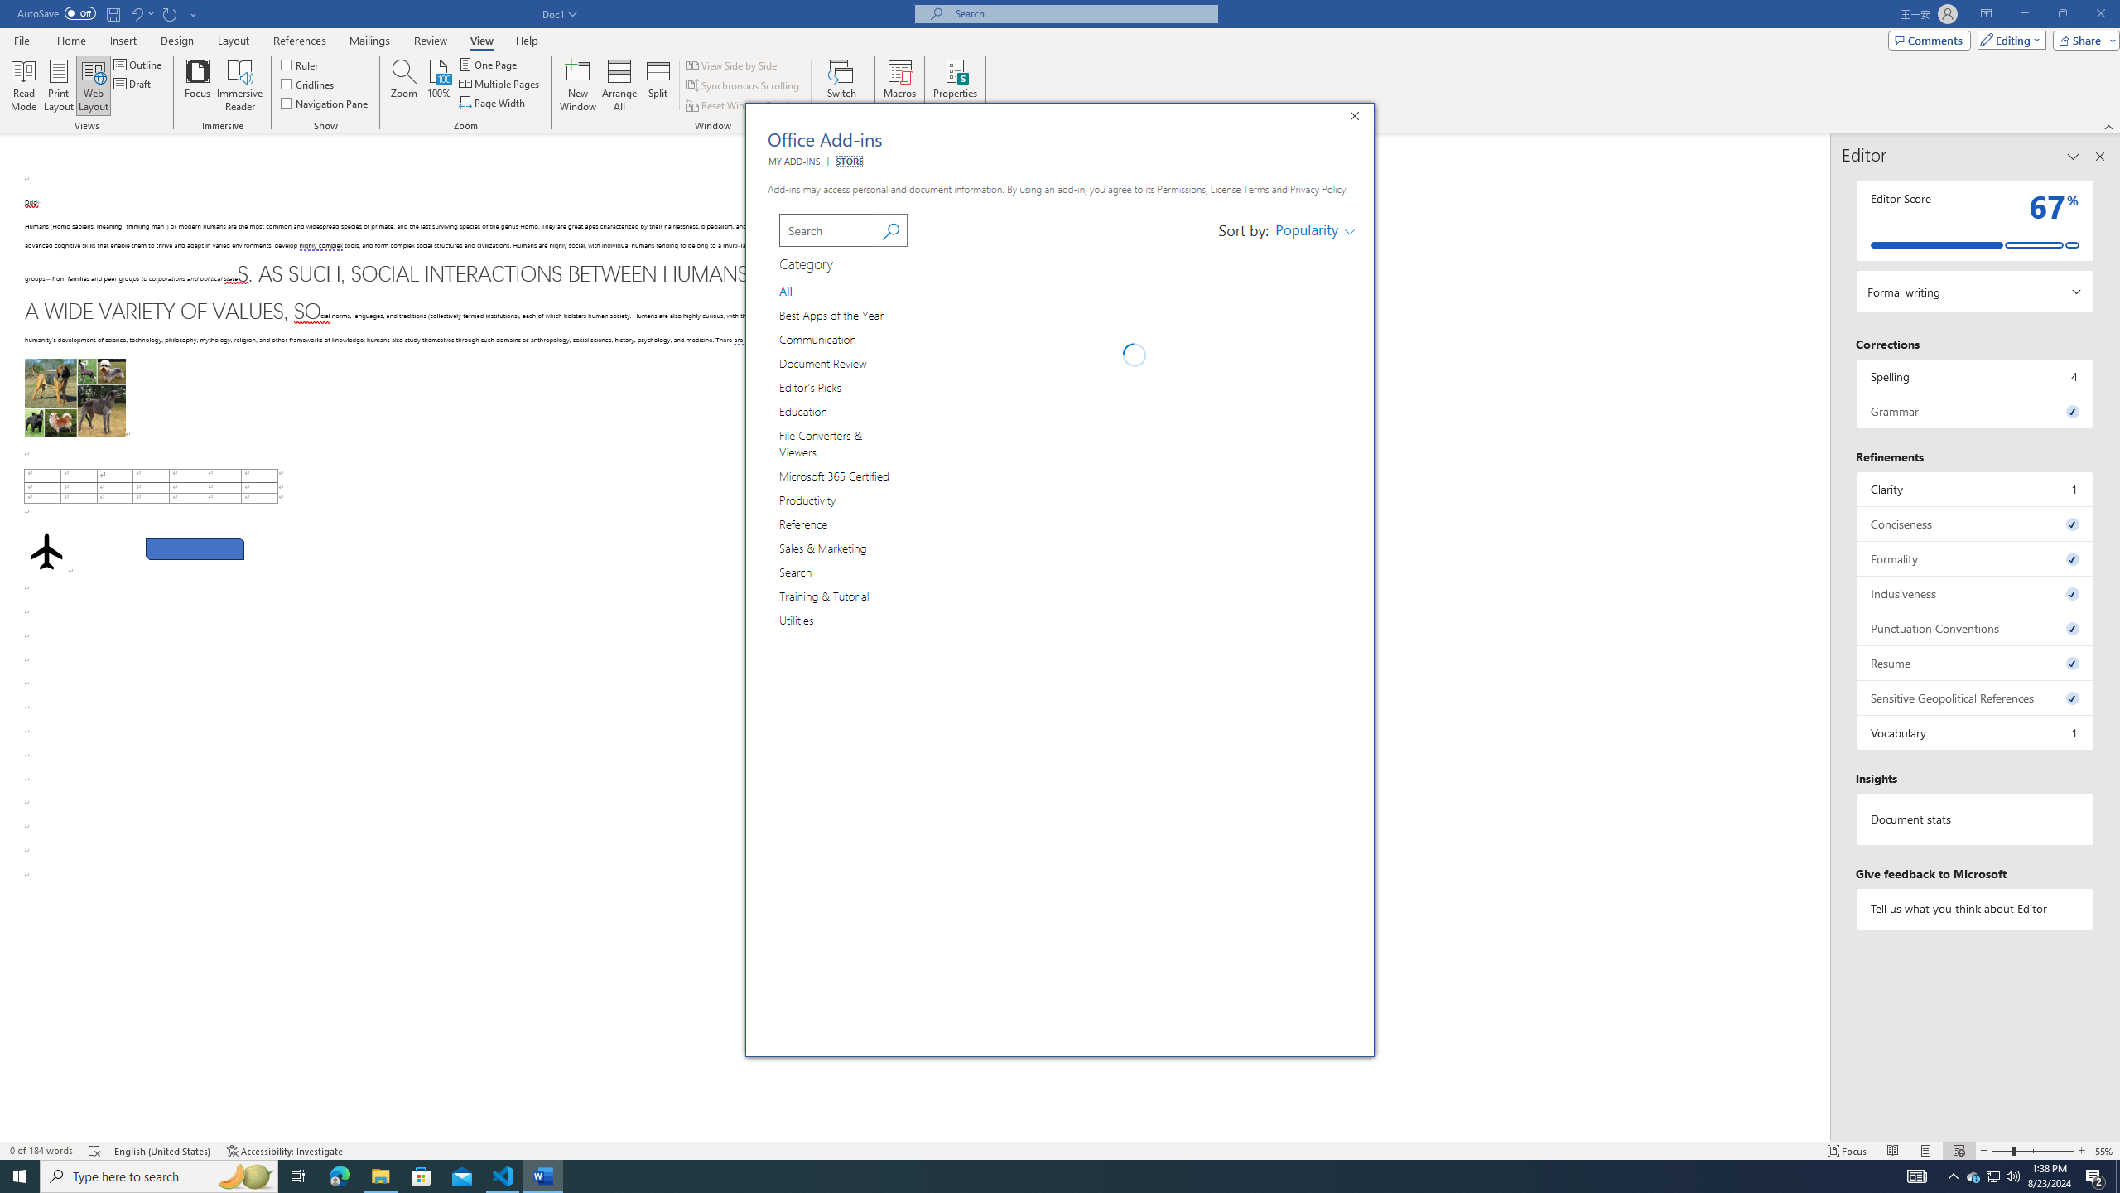  What do you see at coordinates (826, 362) in the screenshot?
I see `'Category Group Document Review 4 of 14'` at bounding box center [826, 362].